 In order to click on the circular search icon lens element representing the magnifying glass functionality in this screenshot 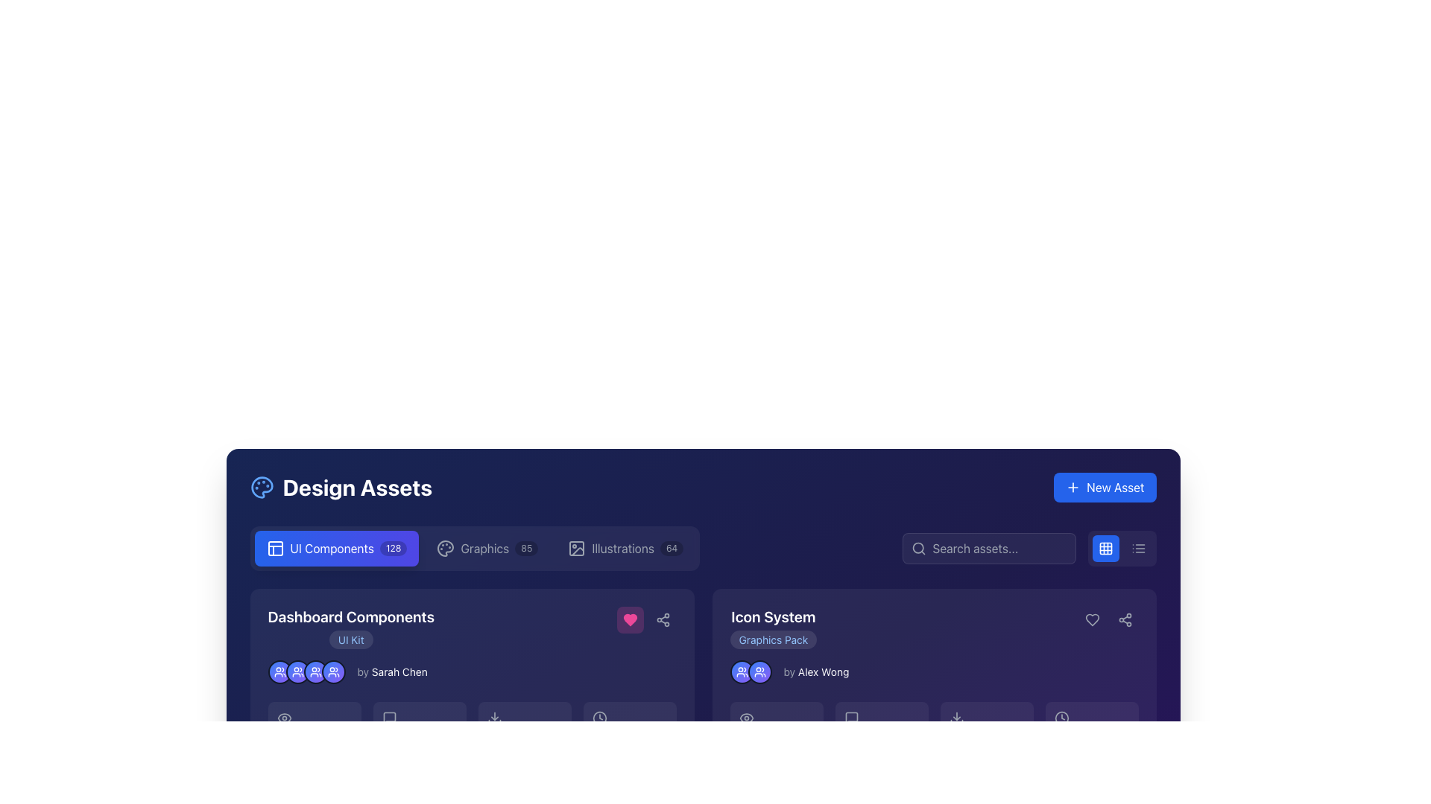, I will do `click(916, 548)`.